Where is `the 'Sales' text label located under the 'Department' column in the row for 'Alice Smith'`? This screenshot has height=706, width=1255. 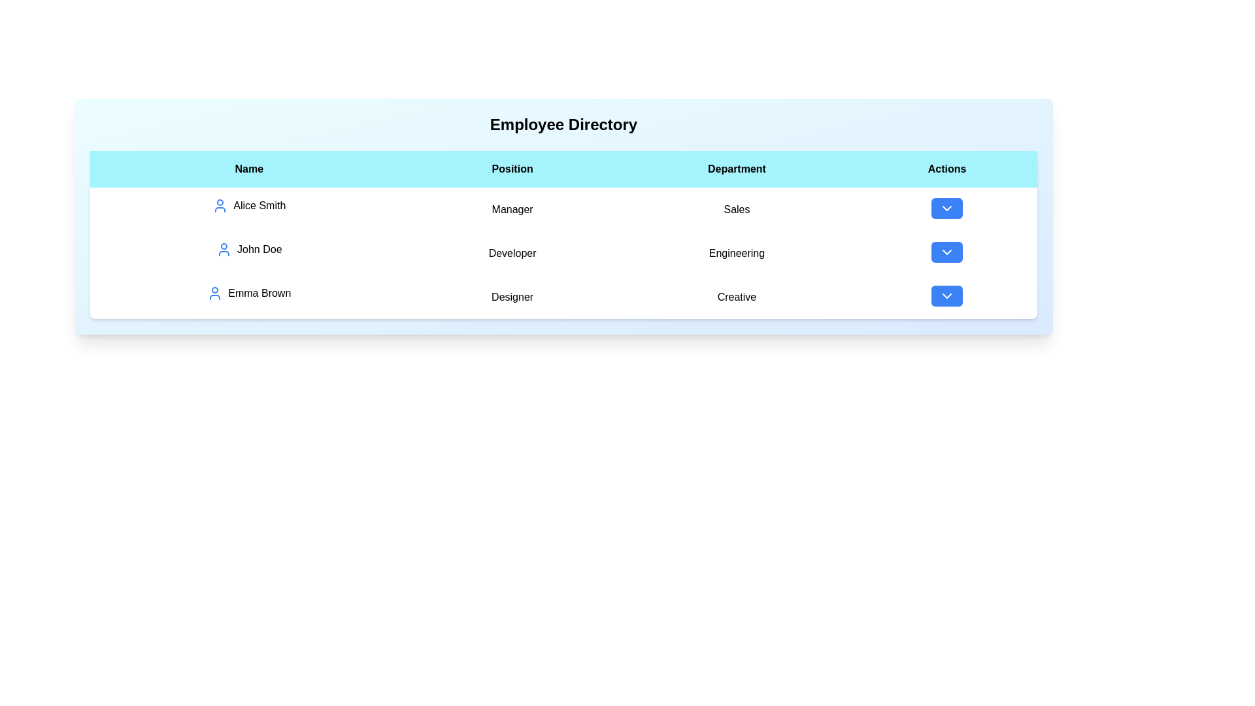
the 'Sales' text label located under the 'Department' column in the row for 'Alice Smith' is located at coordinates (737, 209).